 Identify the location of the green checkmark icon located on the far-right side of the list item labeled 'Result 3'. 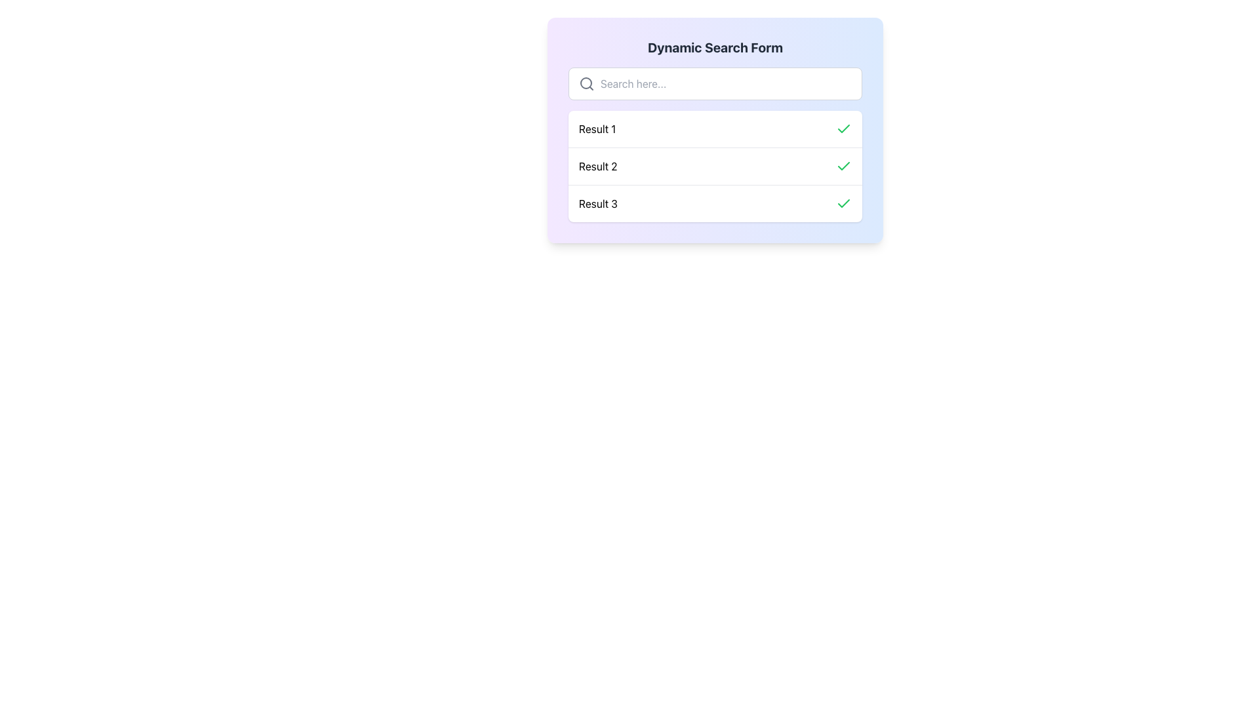
(843, 204).